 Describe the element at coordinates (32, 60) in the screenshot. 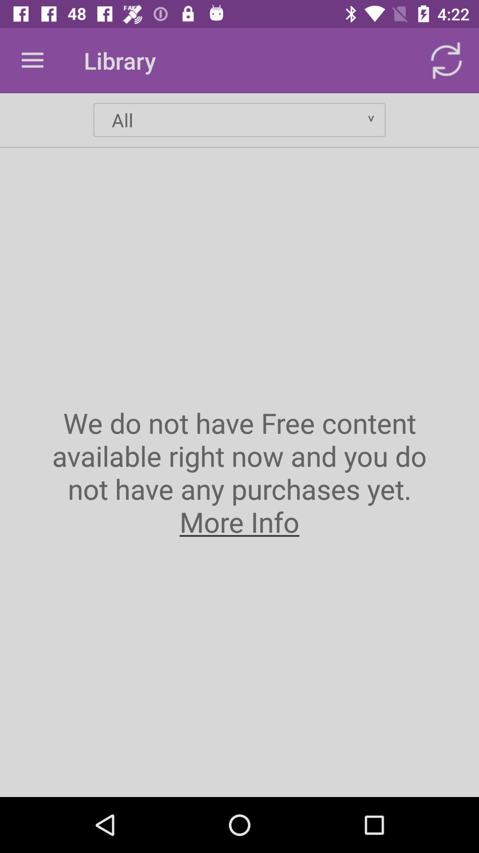

I see `item to the left of the library icon` at that location.